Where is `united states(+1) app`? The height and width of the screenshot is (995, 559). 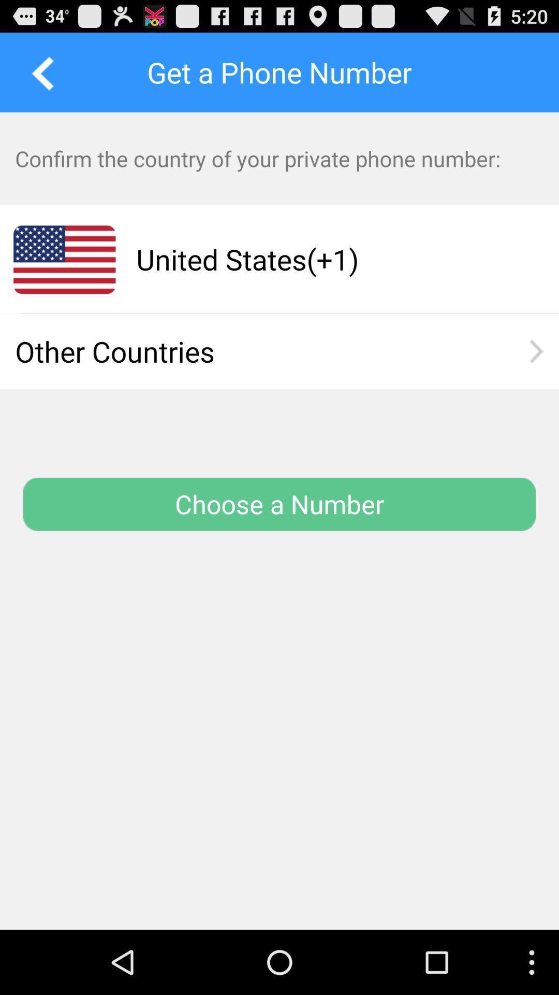
united states(+1) app is located at coordinates (328, 259).